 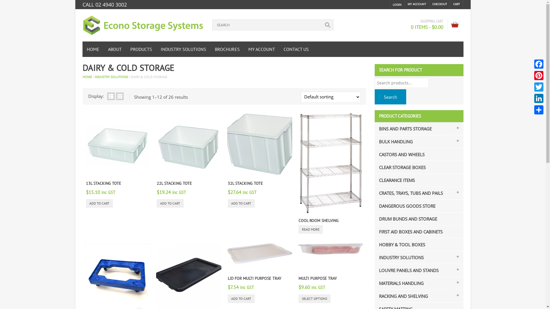 What do you see at coordinates (439, 4) in the screenshot?
I see `'CHECKOUT'` at bounding box center [439, 4].